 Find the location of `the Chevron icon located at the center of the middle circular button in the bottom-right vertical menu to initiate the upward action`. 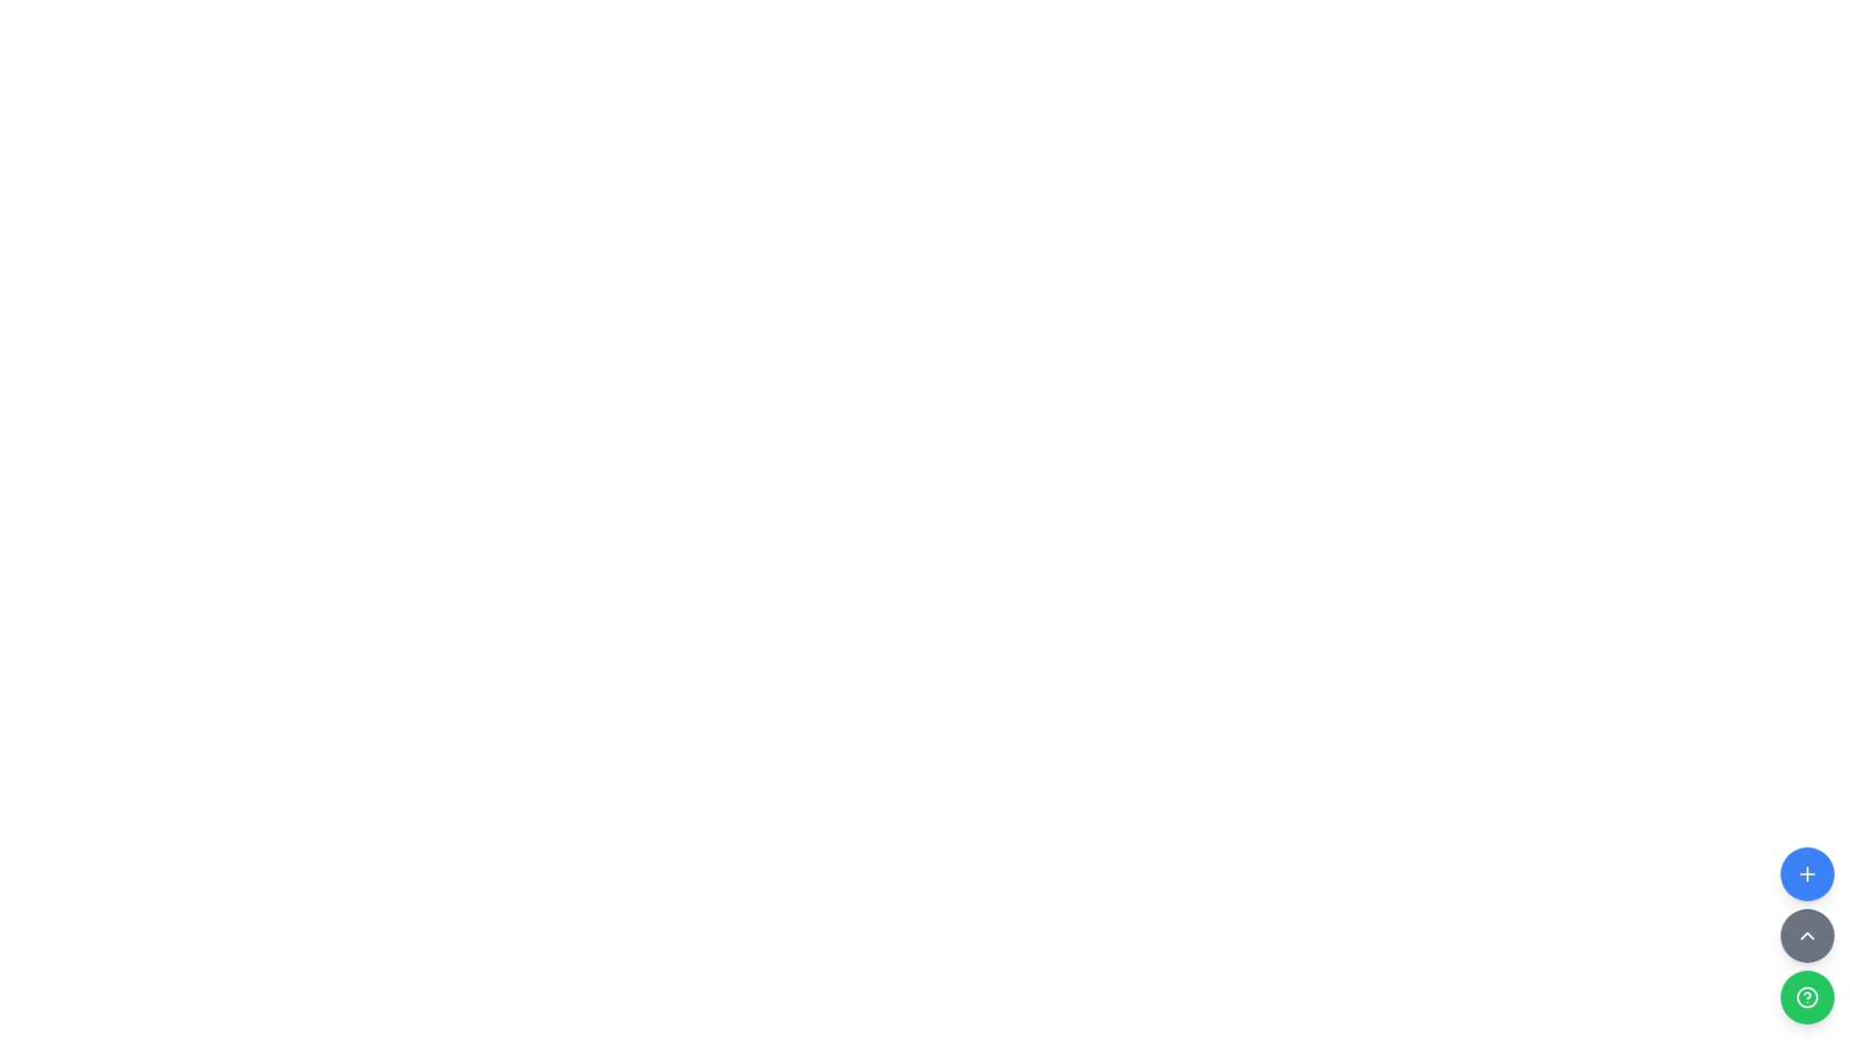

the Chevron icon located at the center of the middle circular button in the bottom-right vertical menu to initiate the upward action is located at coordinates (1807, 935).